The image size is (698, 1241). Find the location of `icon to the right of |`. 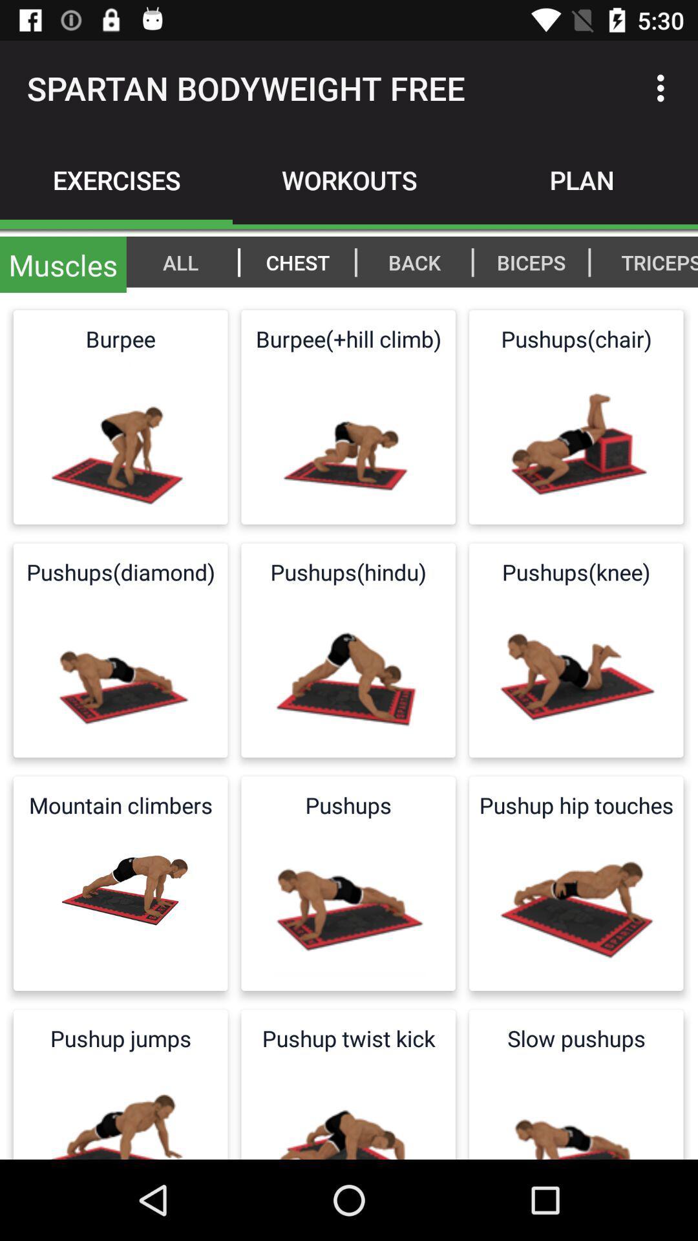

icon to the right of | is located at coordinates (652, 261).